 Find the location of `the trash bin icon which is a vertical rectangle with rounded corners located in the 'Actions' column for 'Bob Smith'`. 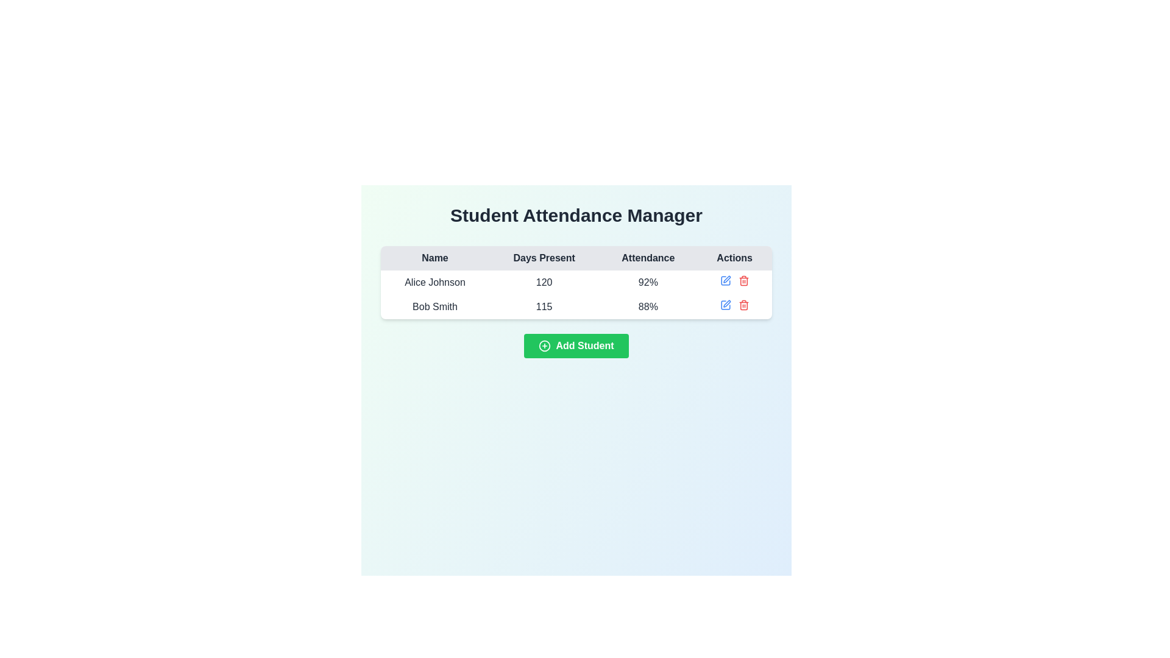

the trash bin icon which is a vertical rectangle with rounded corners located in the 'Actions' column for 'Bob Smith' is located at coordinates (743, 305).